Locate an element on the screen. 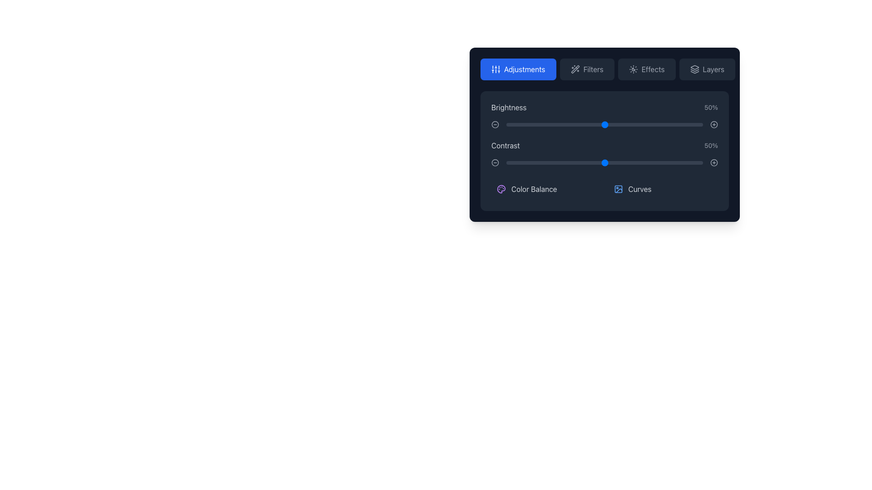 The height and width of the screenshot is (490, 872). the small blue pictorial icon resembling a minimalistic image frame with a circle and a line inside, located to the left of the text 'Curves' in the bottom row of items under 'Adjustments' is located at coordinates (618, 188).